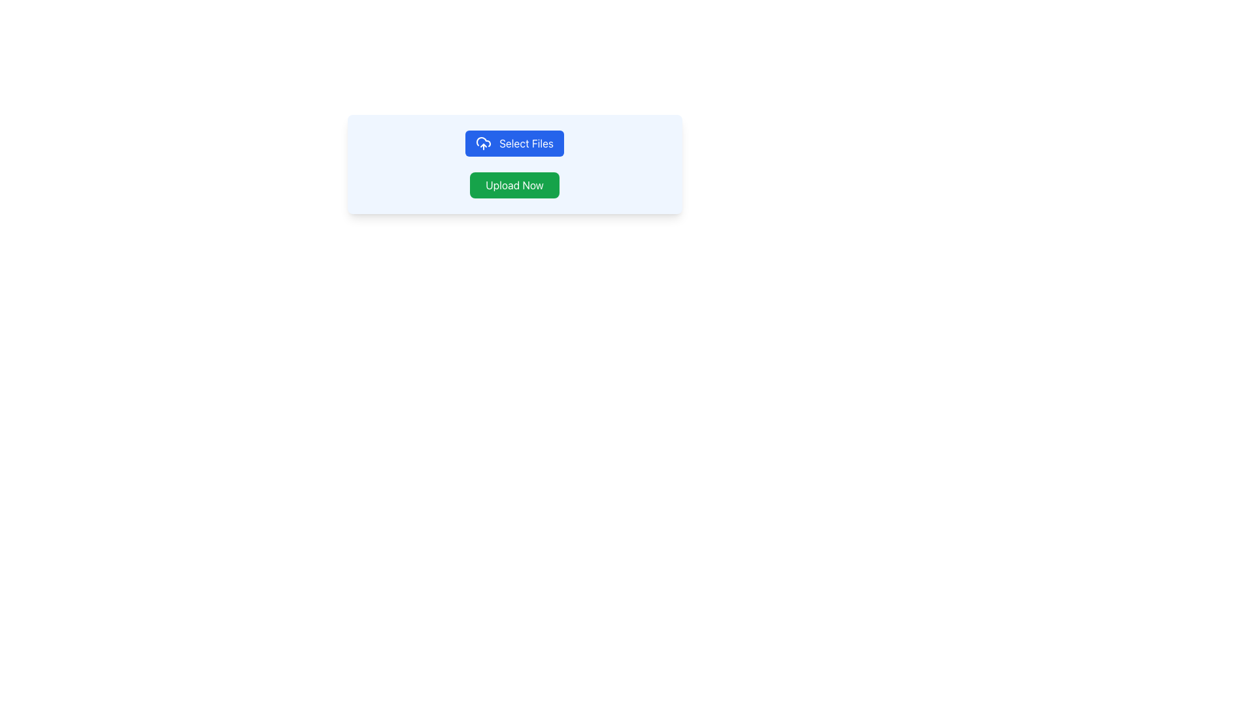  What do you see at coordinates (482, 143) in the screenshot?
I see `the cloud-shaped icon with an upward arrow, which is located within the 'Select Files' button, positioned to the left of the button text` at bounding box center [482, 143].